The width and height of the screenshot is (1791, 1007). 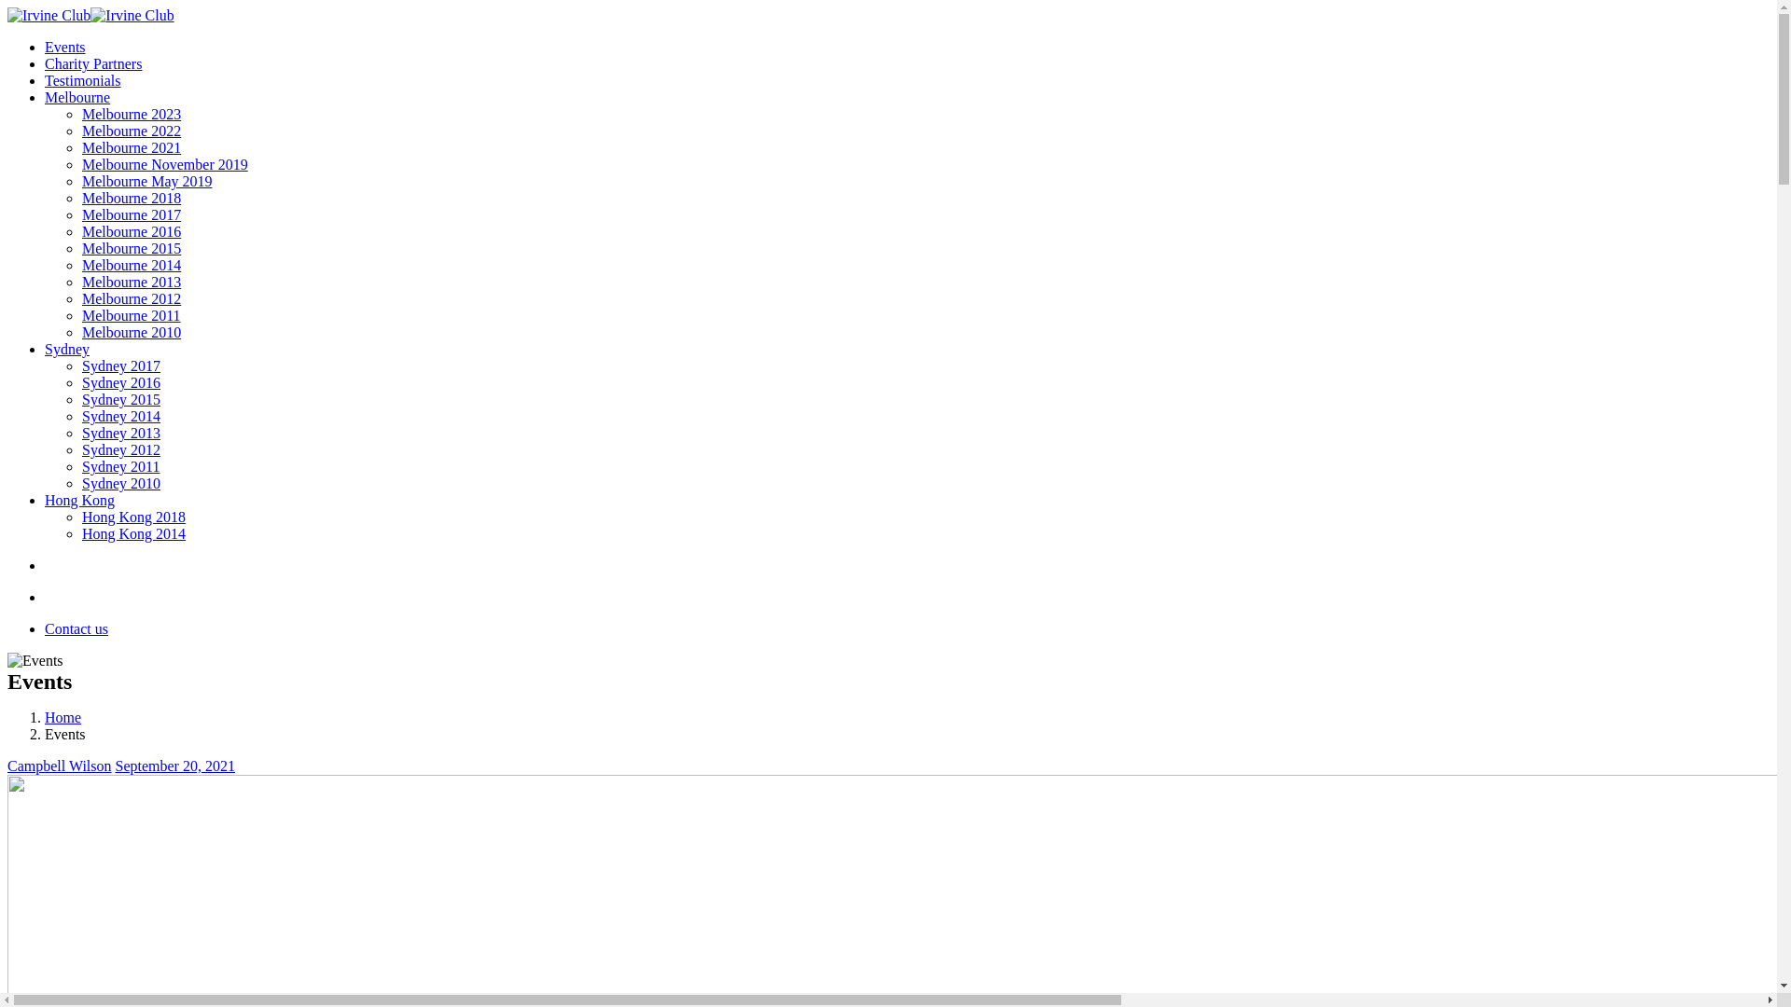 I want to click on 'Melbourne 2014', so click(x=130, y=265).